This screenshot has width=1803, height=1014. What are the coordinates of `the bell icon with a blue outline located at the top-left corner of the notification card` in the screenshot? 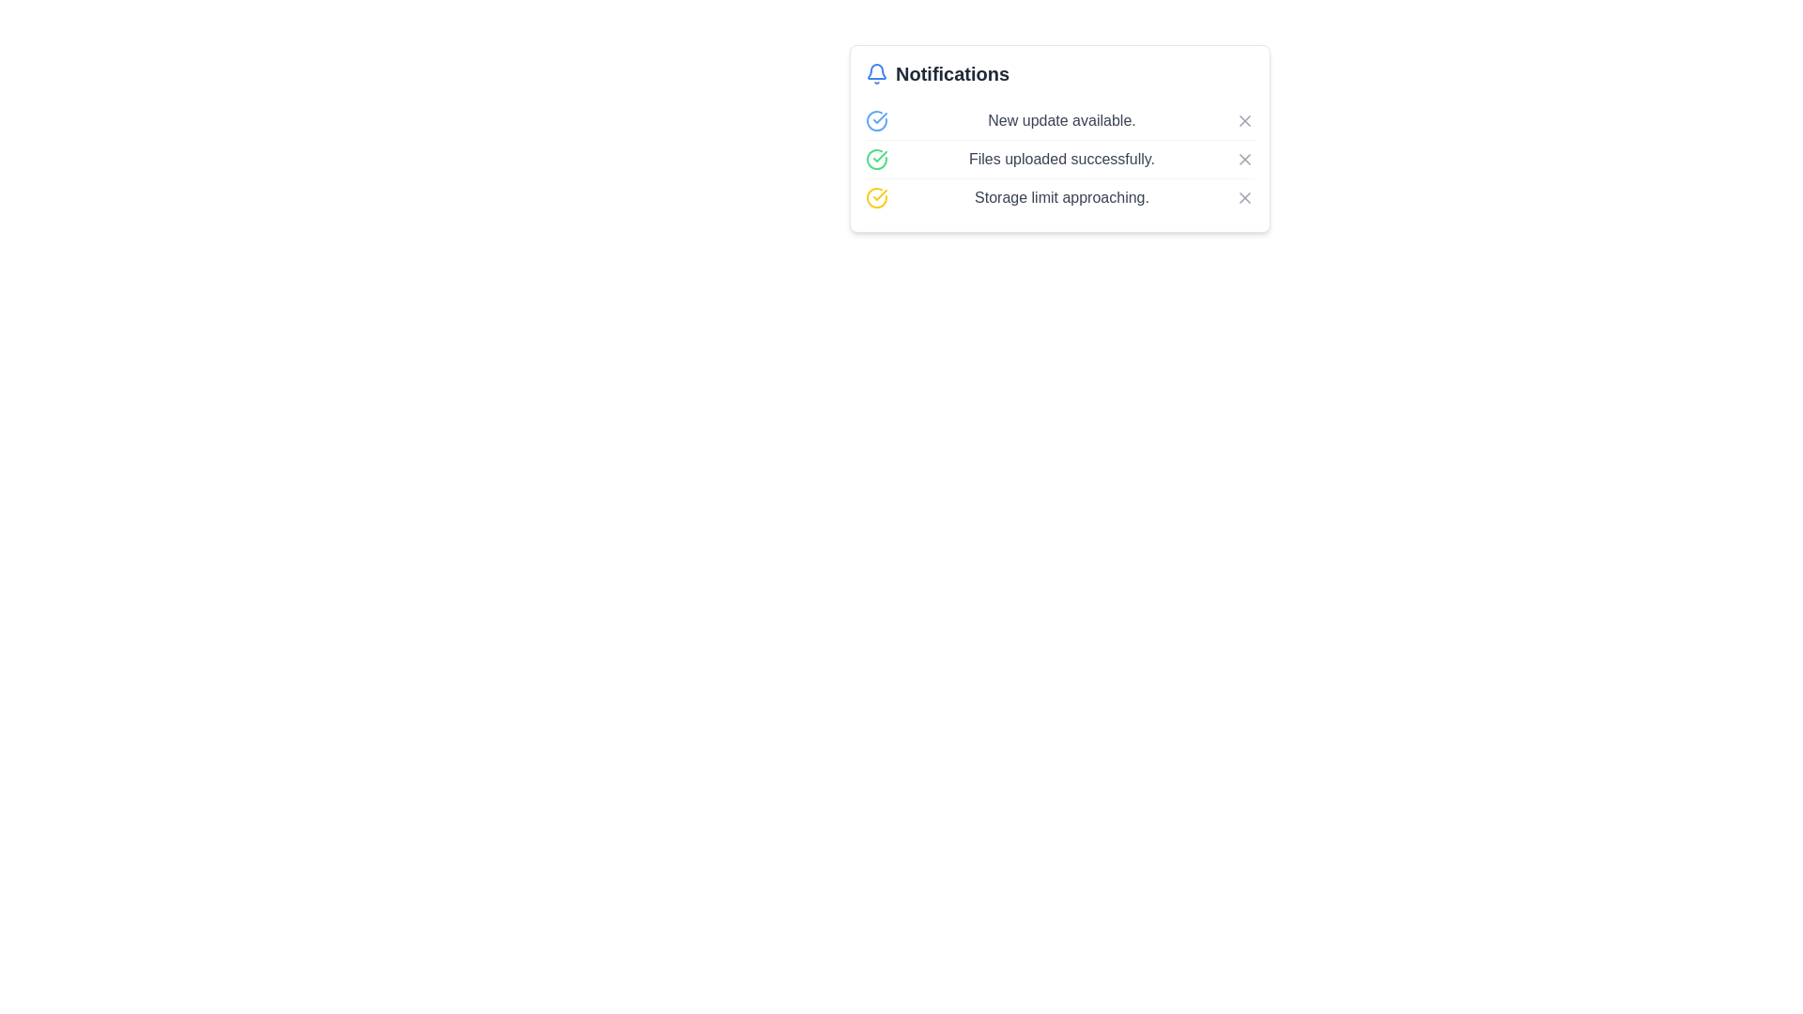 It's located at (876, 70).